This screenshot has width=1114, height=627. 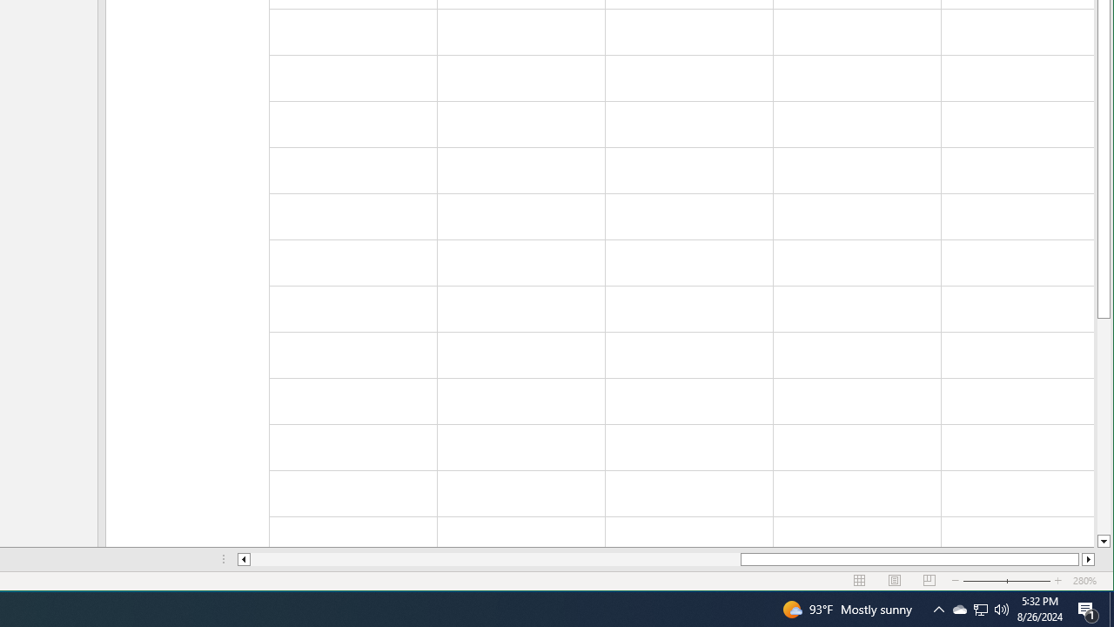 What do you see at coordinates (860, 581) in the screenshot?
I see `'Normal'` at bounding box center [860, 581].